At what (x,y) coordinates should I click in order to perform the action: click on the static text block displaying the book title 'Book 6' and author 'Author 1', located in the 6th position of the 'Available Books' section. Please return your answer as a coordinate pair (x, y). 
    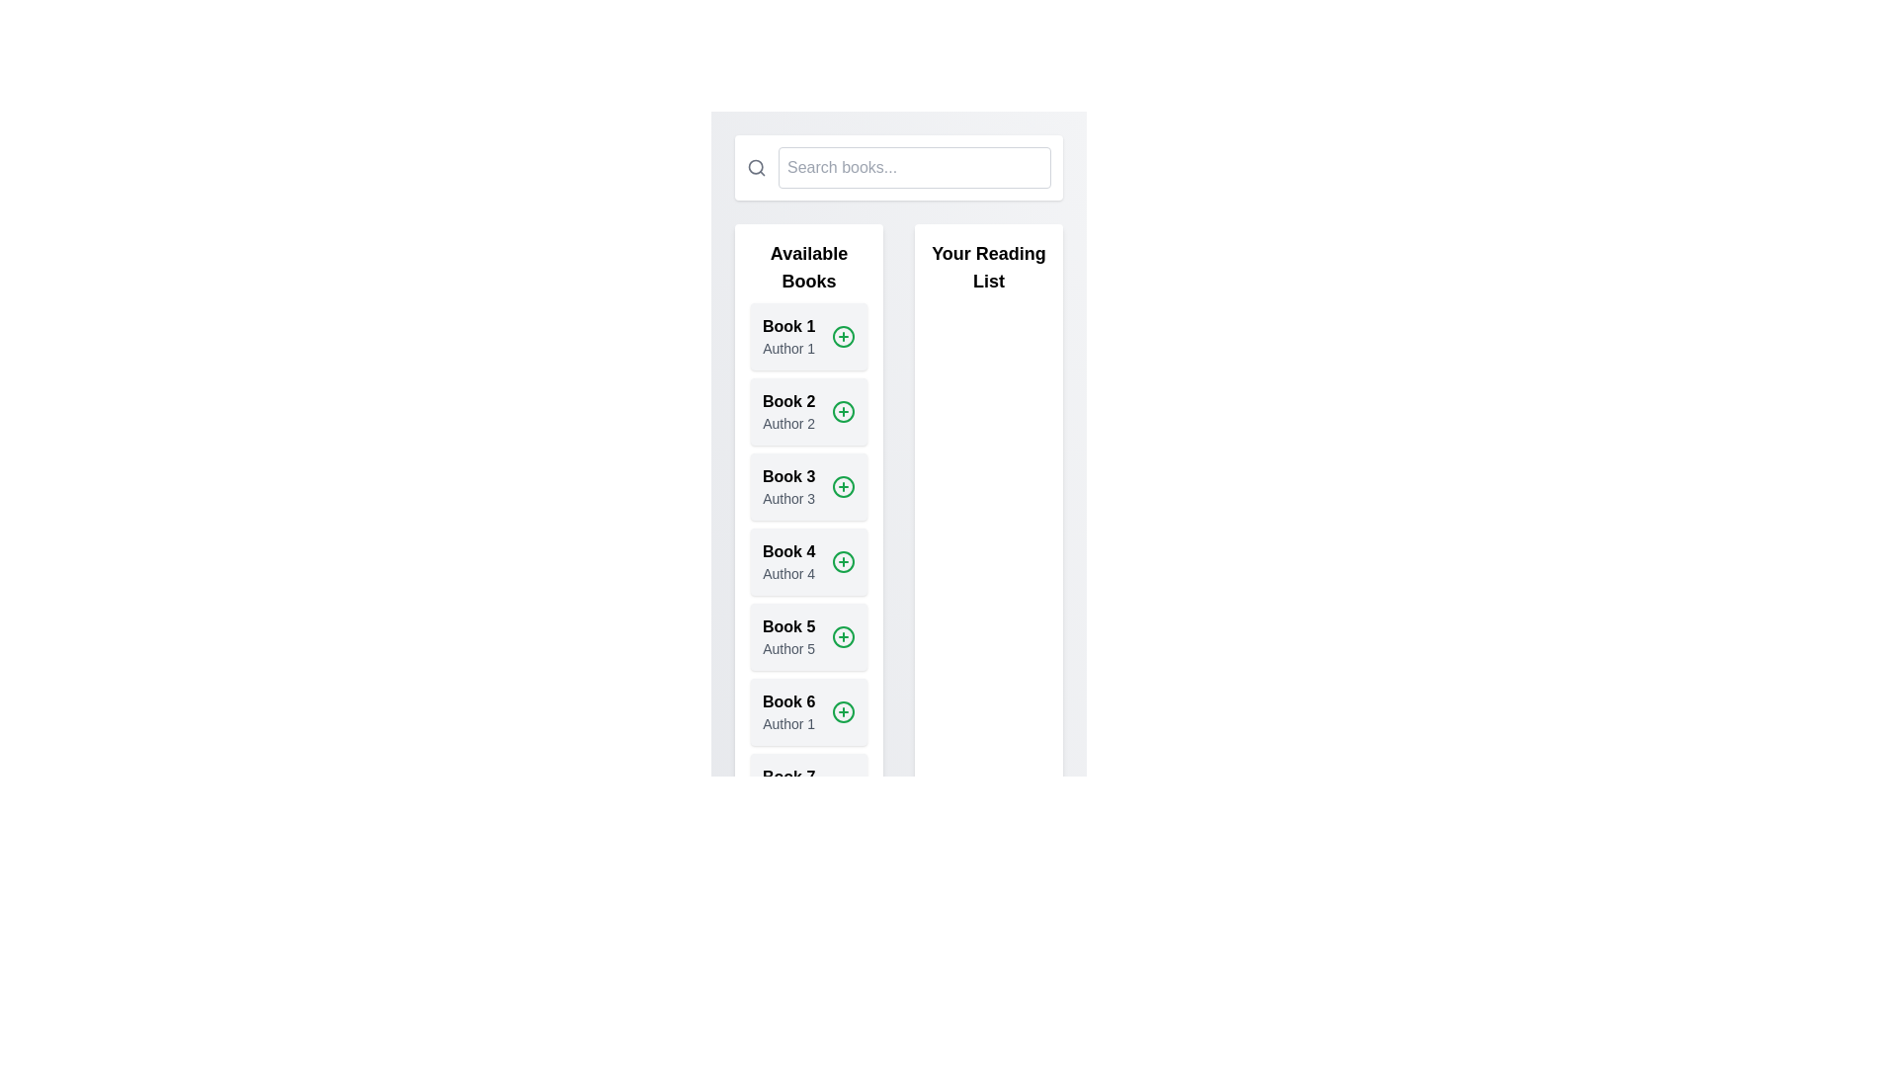
    Looking at the image, I should click on (787, 712).